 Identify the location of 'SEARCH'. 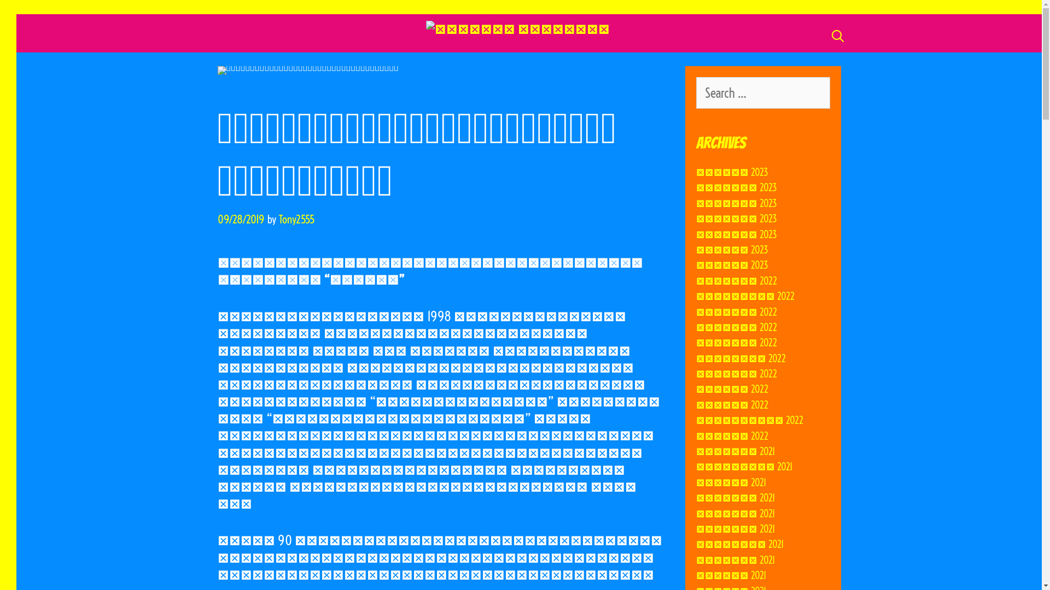
(837, 35).